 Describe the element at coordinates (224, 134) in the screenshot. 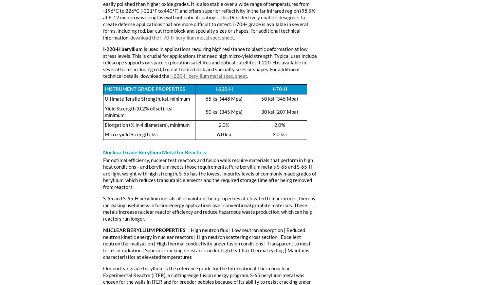

I see `'6.0 ksi'` at that location.